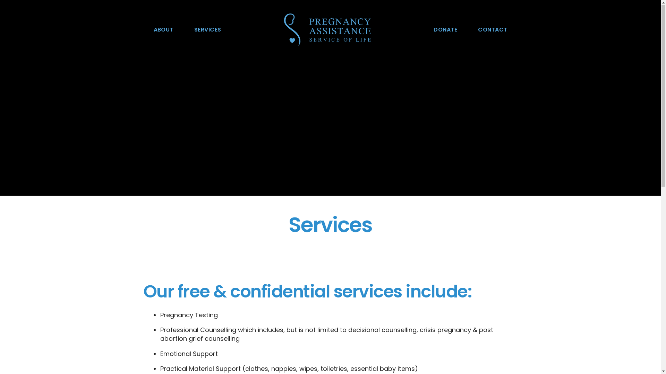  What do you see at coordinates (492, 30) in the screenshot?
I see `'CONTACT'` at bounding box center [492, 30].